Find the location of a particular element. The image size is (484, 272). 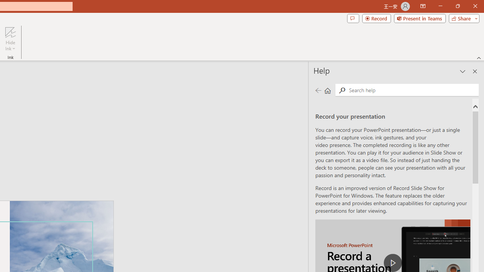

'Previous page' is located at coordinates (318, 90).